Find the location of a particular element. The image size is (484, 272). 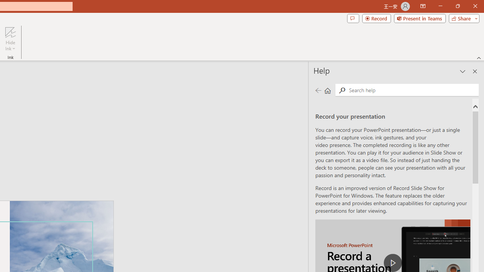

'Previous page' is located at coordinates (318, 90).